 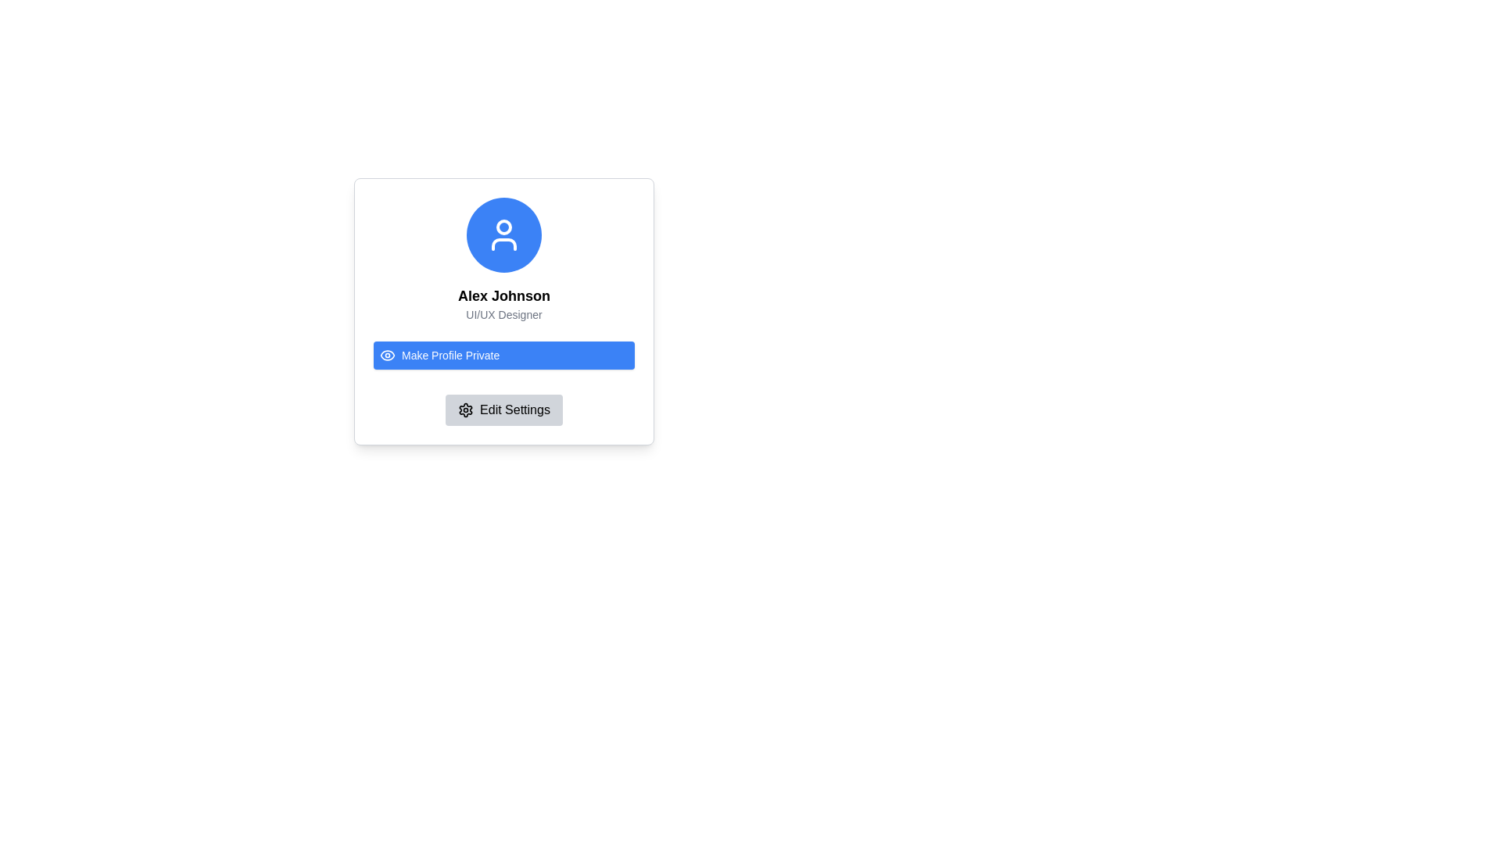 I want to click on the Profile Icon, which visually represents the user's account, located above the text 'Alex Johnson' and 'UI/UX Designer', so click(x=503, y=234).